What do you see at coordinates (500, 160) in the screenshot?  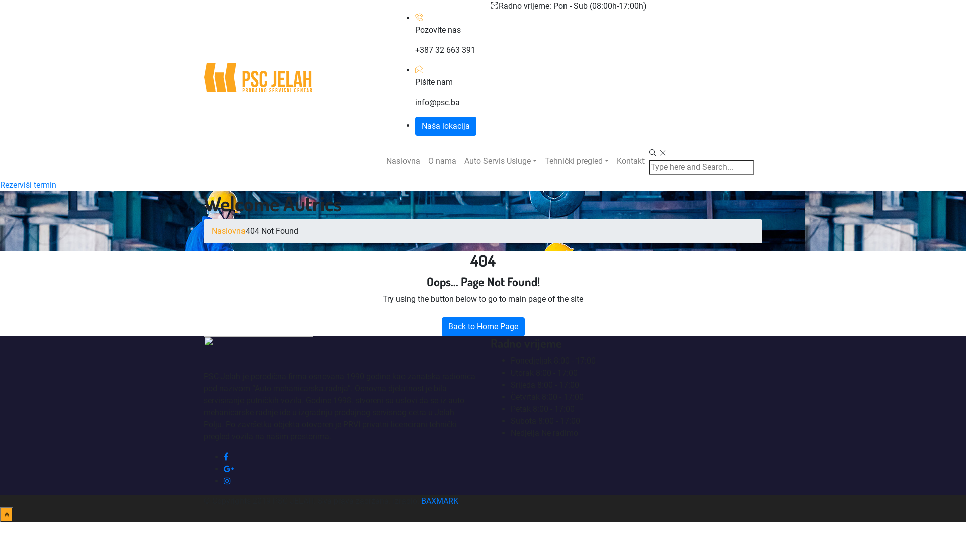 I see `'Auto Servis Usluge'` at bounding box center [500, 160].